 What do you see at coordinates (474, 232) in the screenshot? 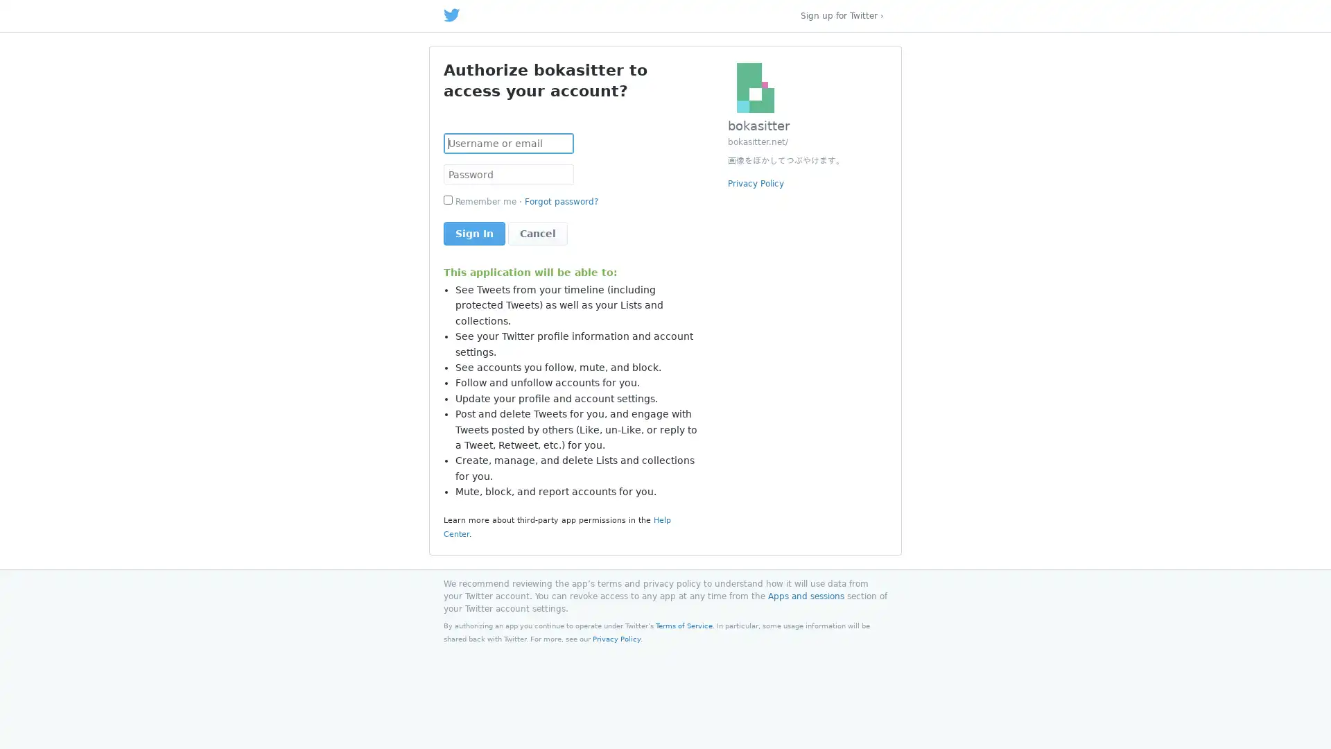
I see `Sign In` at bounding box center [474, 232].